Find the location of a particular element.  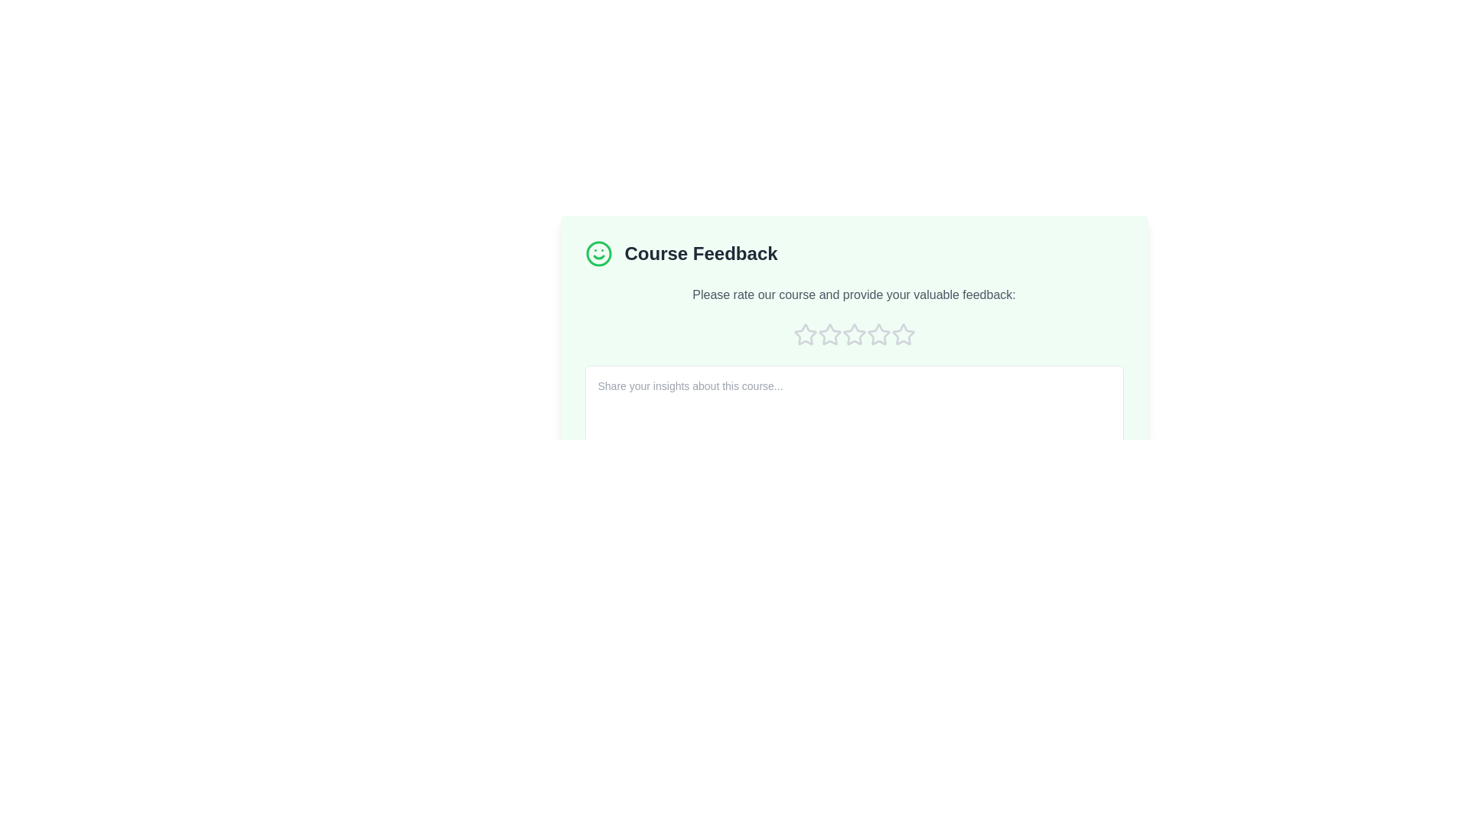

the fifth star icon in the middle section of the feedback module is located at coordinates (903, 334).